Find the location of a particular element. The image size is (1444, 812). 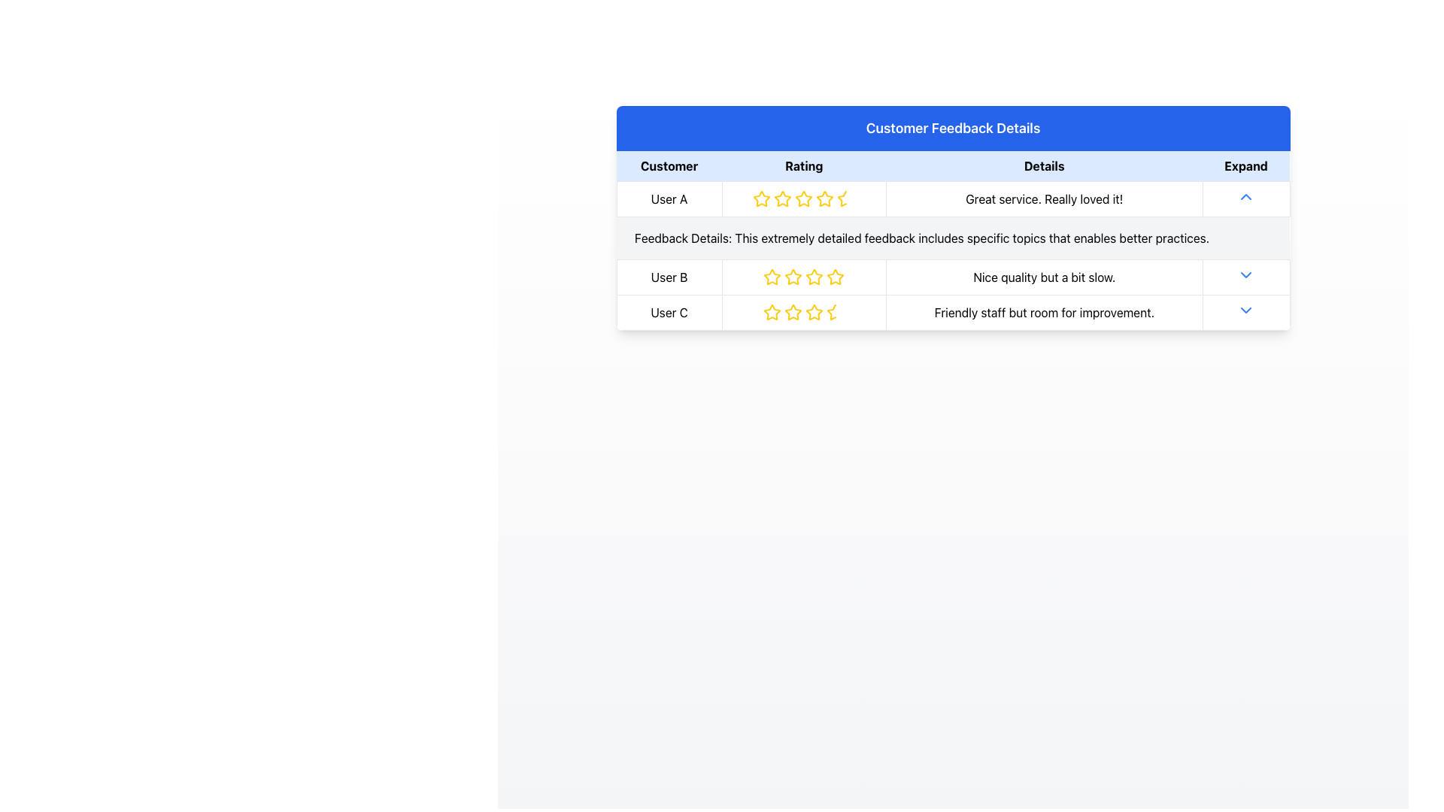

the Rating Stars representing User C's satisfaction level, located in the third row of the table under the 'Rating' column is located at coordinates (803, 312).